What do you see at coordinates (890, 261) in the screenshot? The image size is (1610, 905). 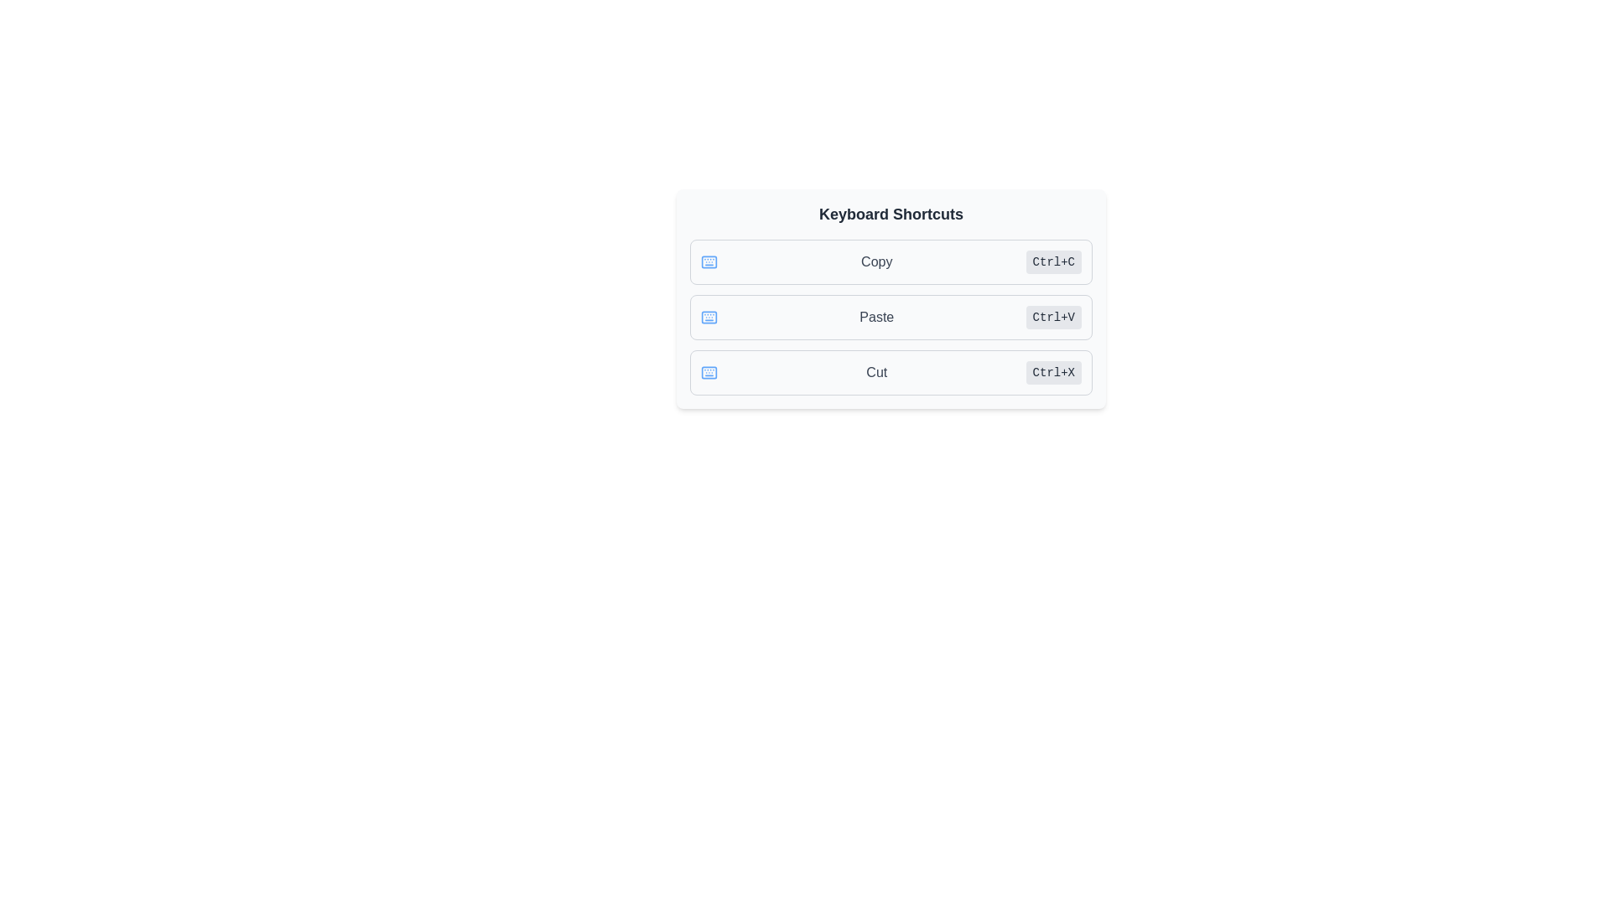 I see `the 'Copy' button, which is a horizontal bar with a light gray background, a blue keyboard icon on the left, and the text 'Copy' in dark gray at the center` at bounding box center [890, 261].